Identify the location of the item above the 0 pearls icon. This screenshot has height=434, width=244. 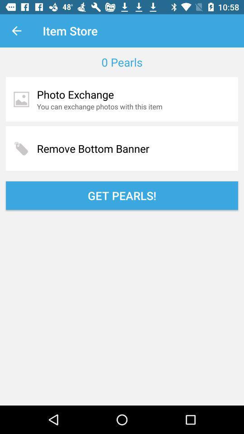
(16, 31).